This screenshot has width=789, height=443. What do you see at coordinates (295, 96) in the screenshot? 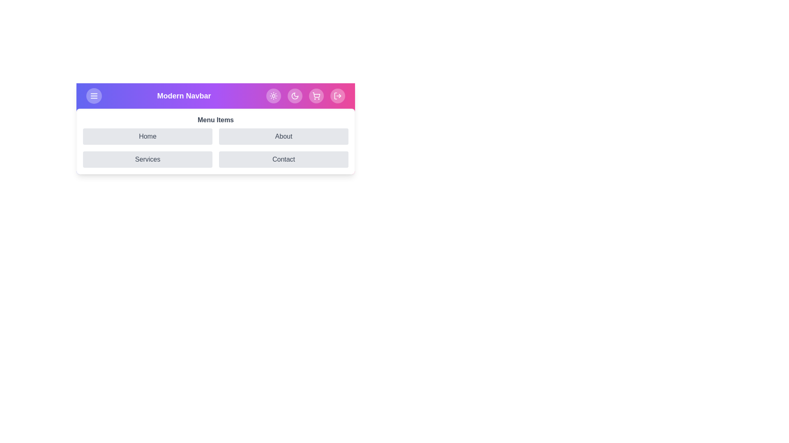
I see `the 'Moon' icon button` at bounding box center [295, 96].